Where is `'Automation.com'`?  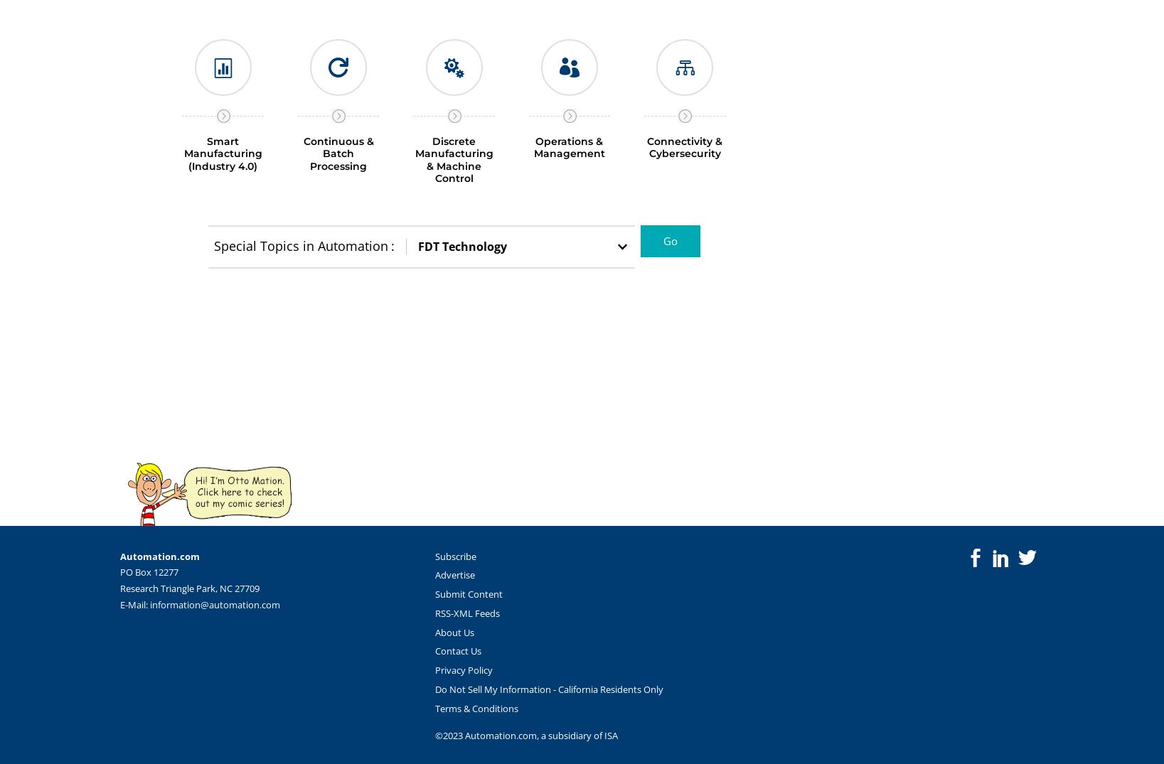
'Automation.com' is located at coordinates (159, 555).